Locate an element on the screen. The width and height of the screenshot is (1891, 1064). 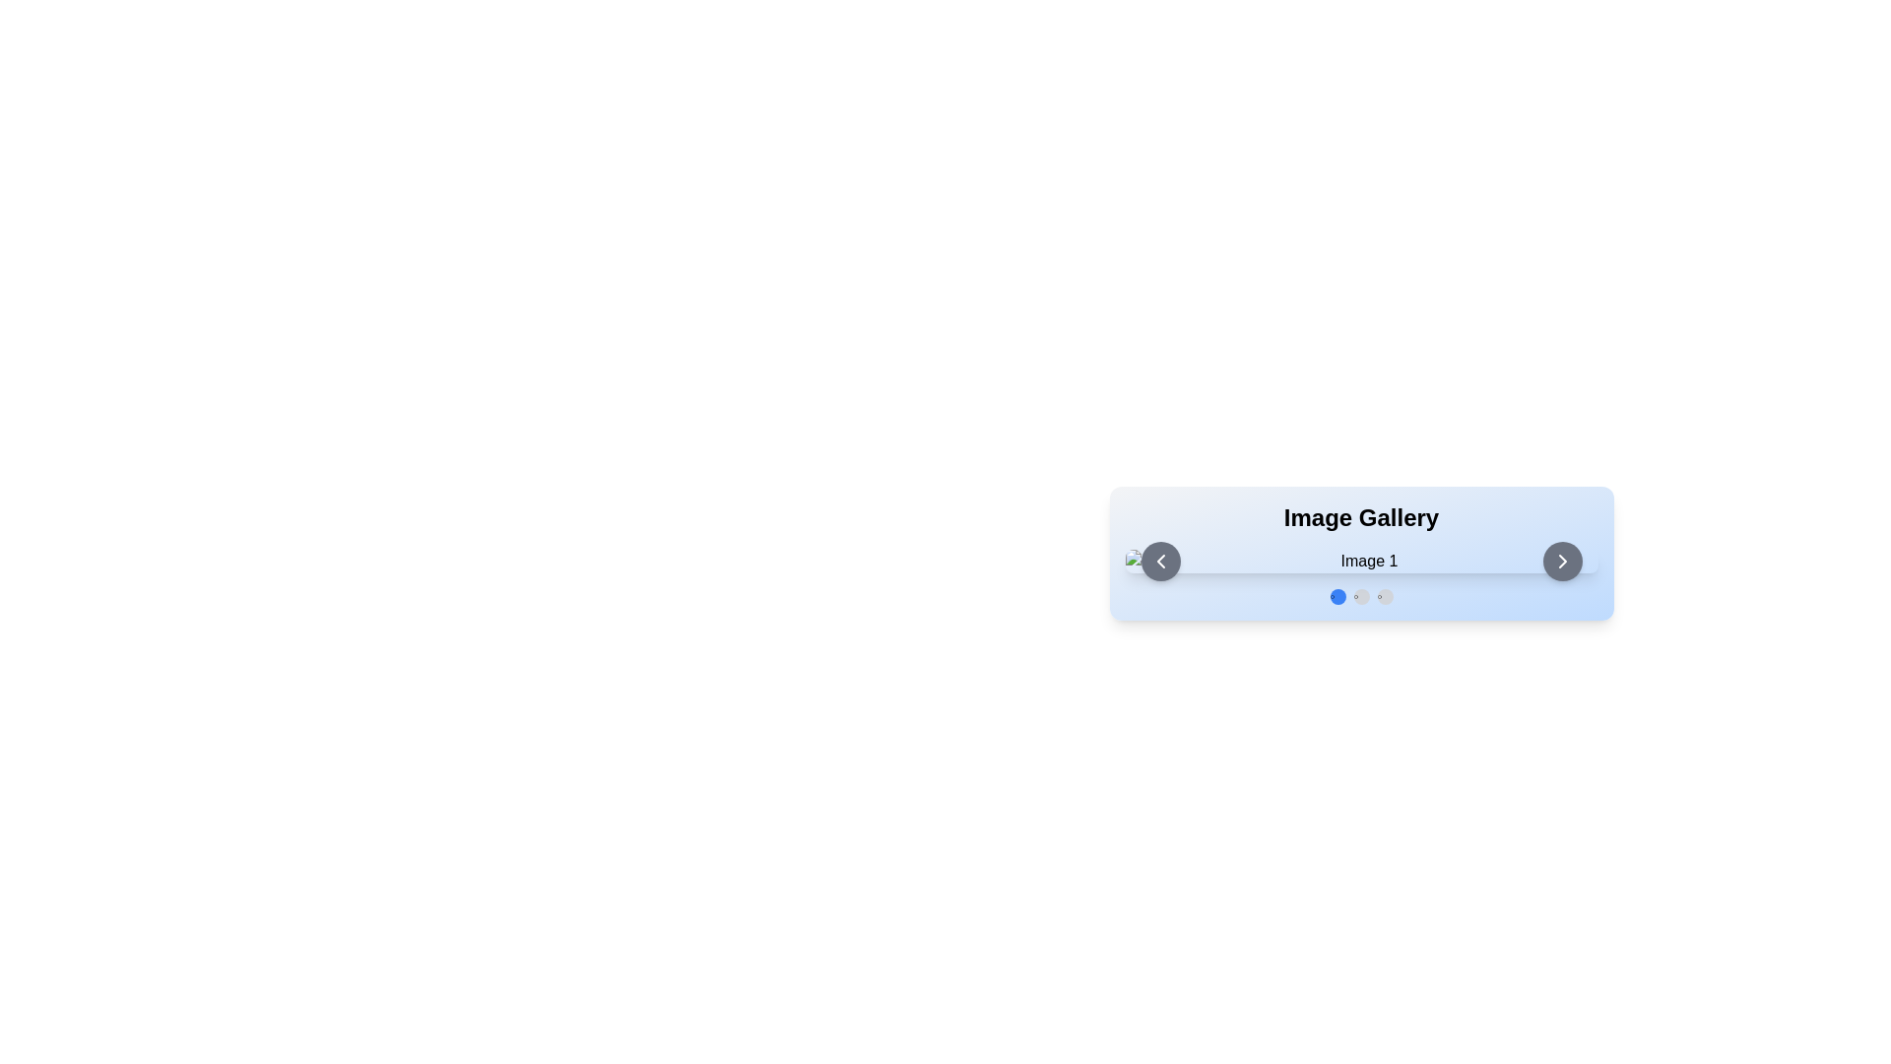
the navigation icon embedded in the circular button on the far-right side of the image gallery interface is located at coordinates (1561, 562).